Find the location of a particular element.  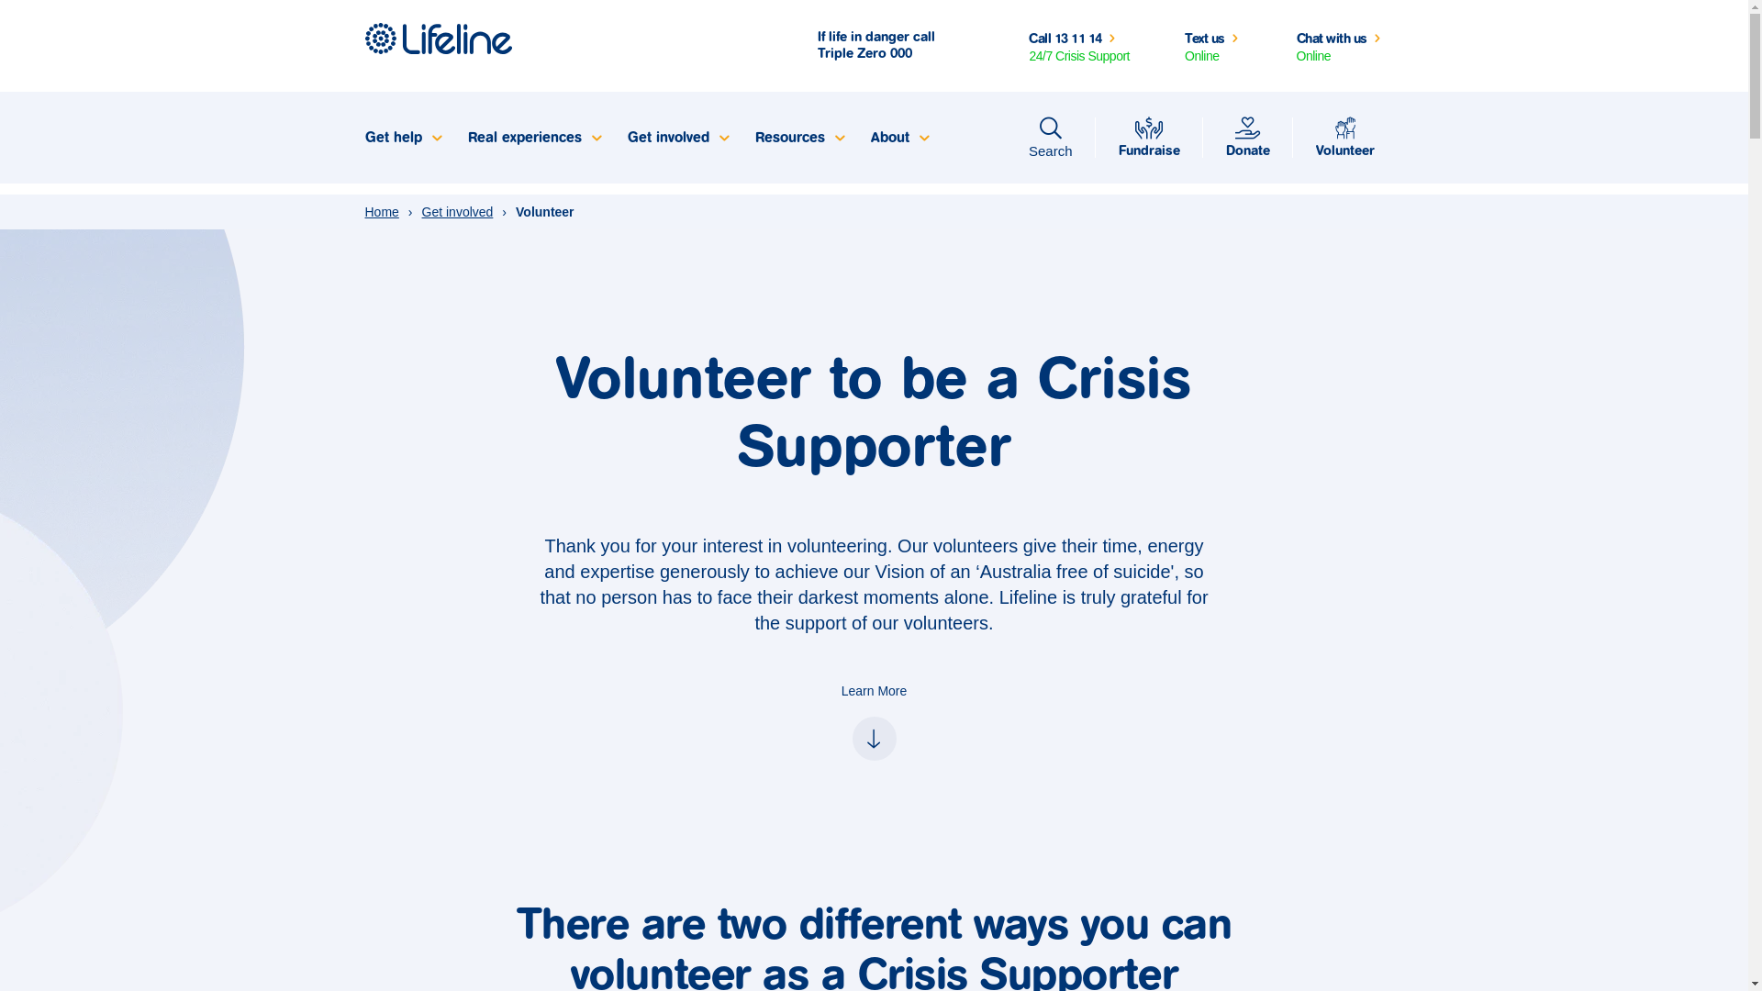

'Learn More' is located at coordinates (872, 719).